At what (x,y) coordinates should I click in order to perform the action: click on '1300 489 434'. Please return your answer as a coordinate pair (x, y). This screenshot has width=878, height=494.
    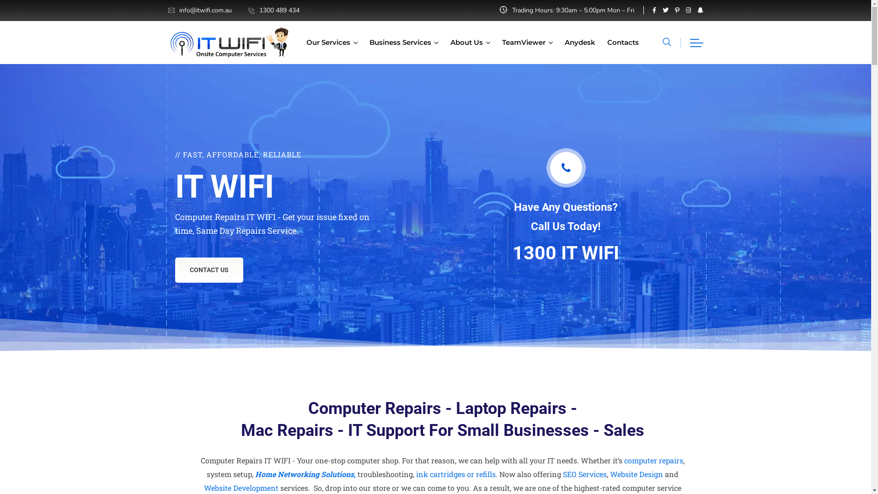
    Looking at the image, I should click on (258, 10).